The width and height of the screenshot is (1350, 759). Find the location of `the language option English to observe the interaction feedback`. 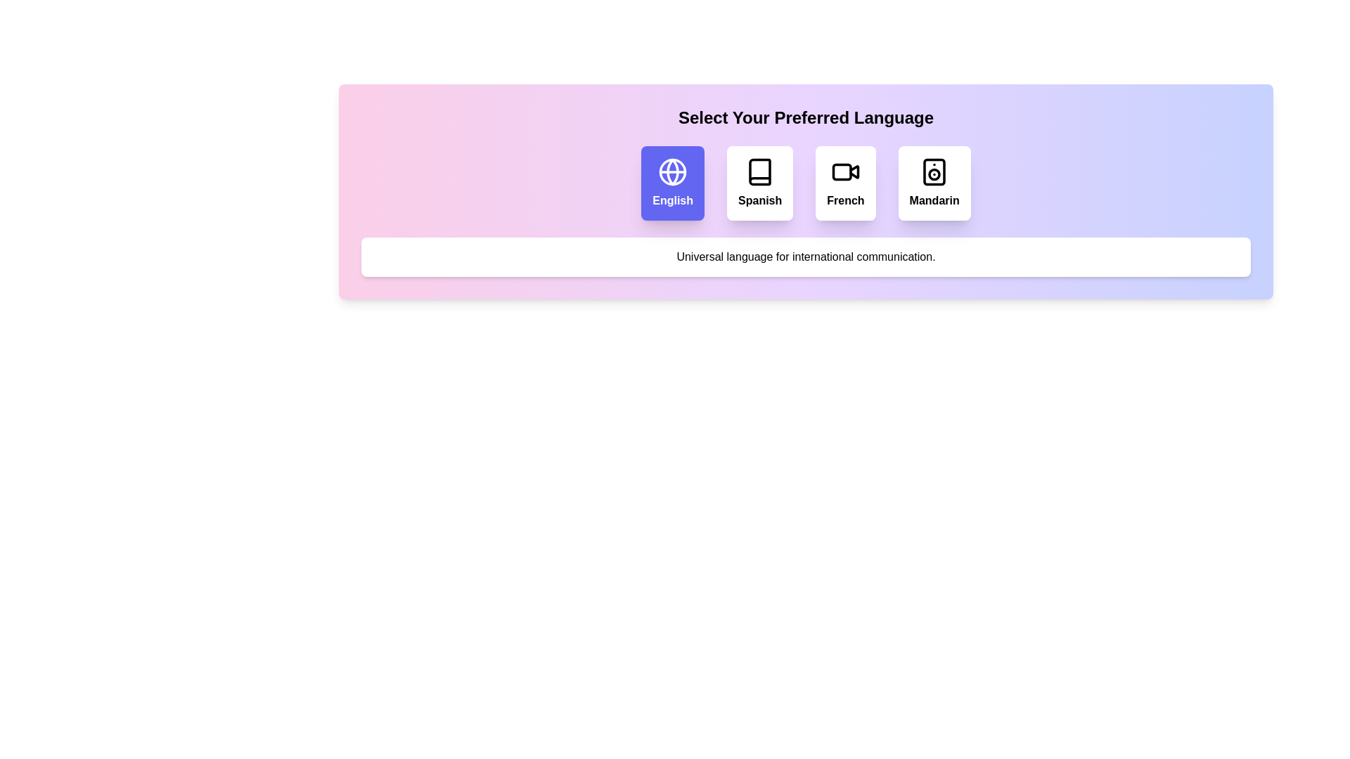

the language option English to observe the interaction feedback is located at coordinates (671, 183).